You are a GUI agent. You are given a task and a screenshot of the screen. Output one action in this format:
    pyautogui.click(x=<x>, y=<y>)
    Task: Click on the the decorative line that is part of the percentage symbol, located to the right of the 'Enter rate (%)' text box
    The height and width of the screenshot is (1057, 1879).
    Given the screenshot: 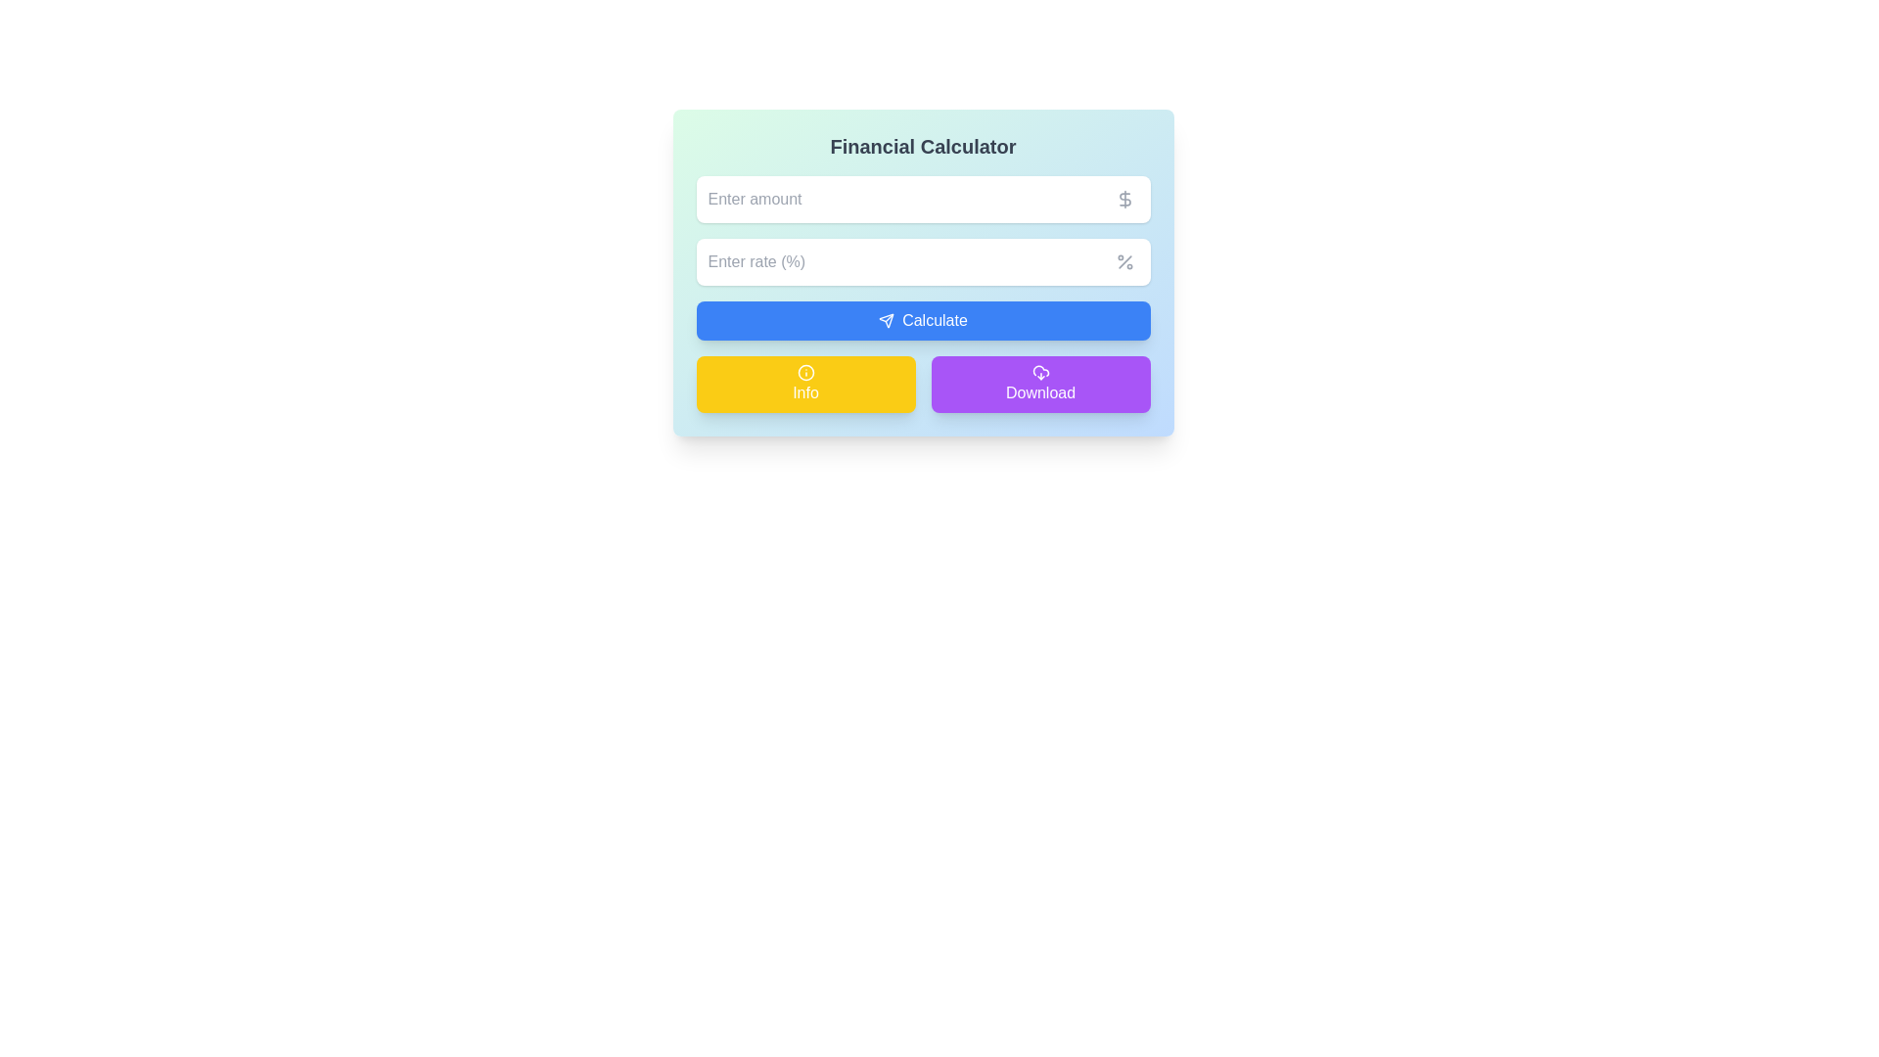 What is the action you would take?
    pyautogui.click(x=1124, y=260)
    